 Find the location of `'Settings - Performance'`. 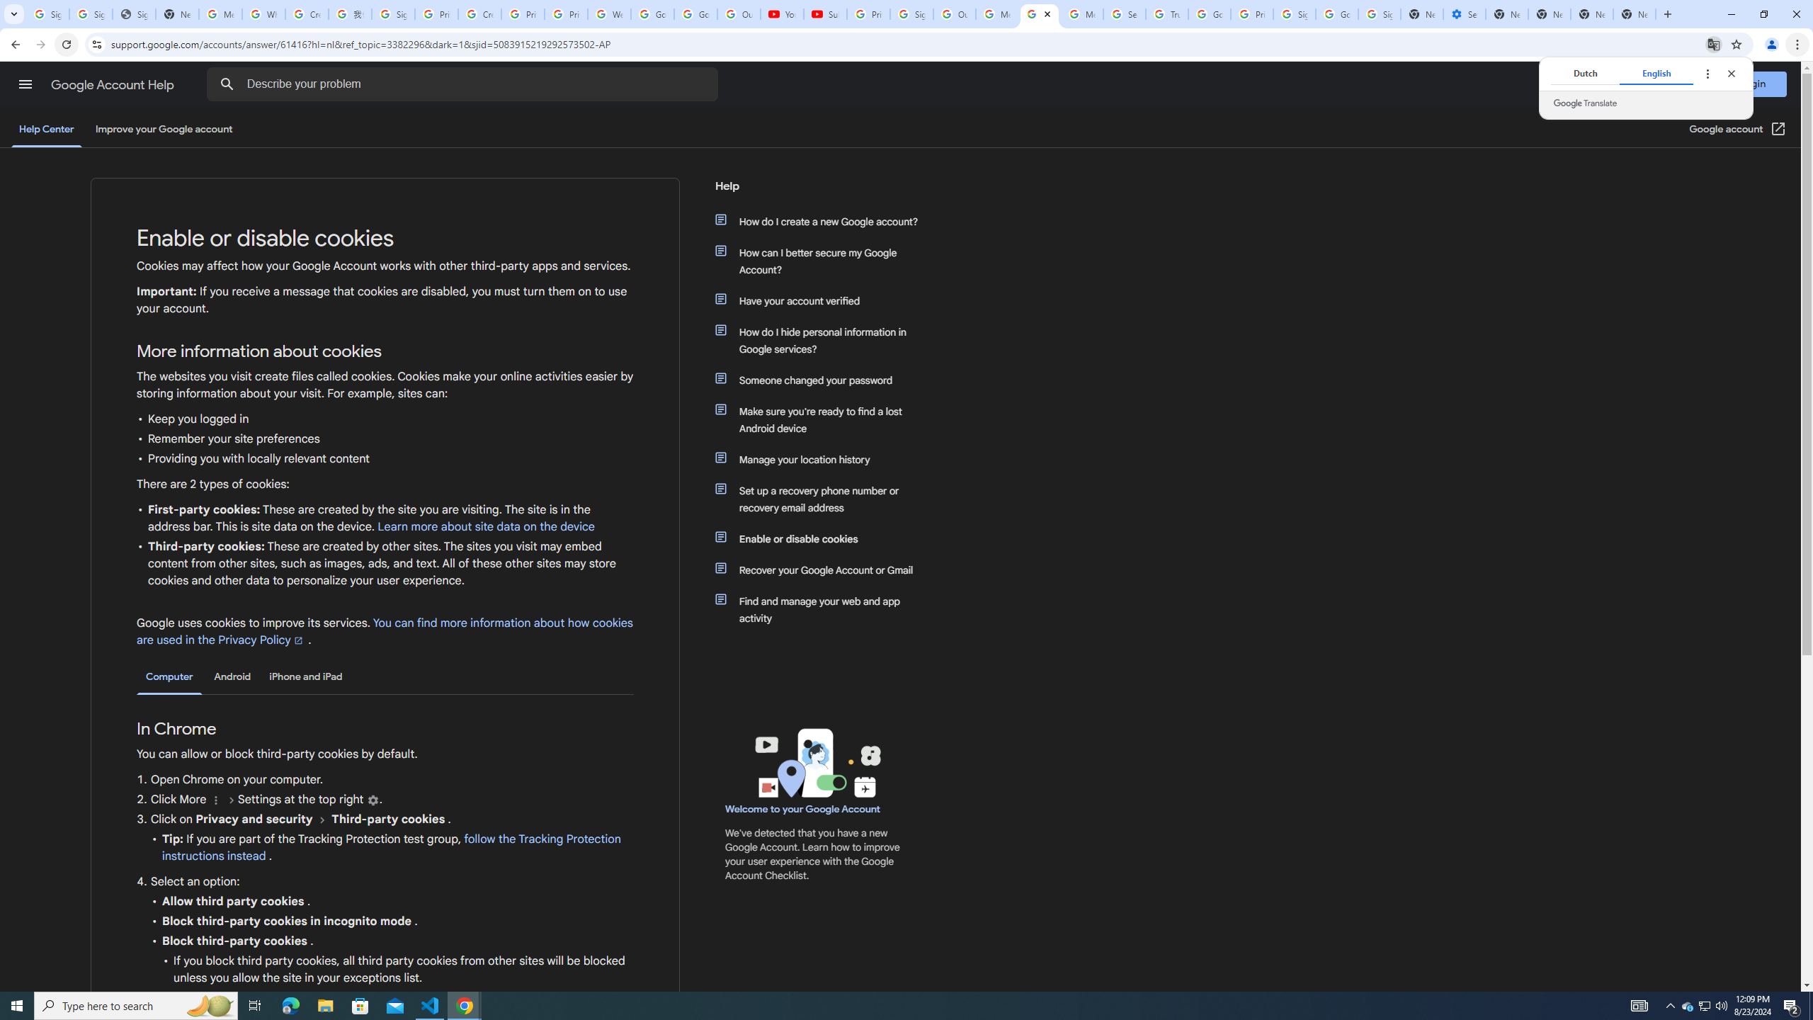

'Settings - Performance' is located at coordinates (1464, 13).